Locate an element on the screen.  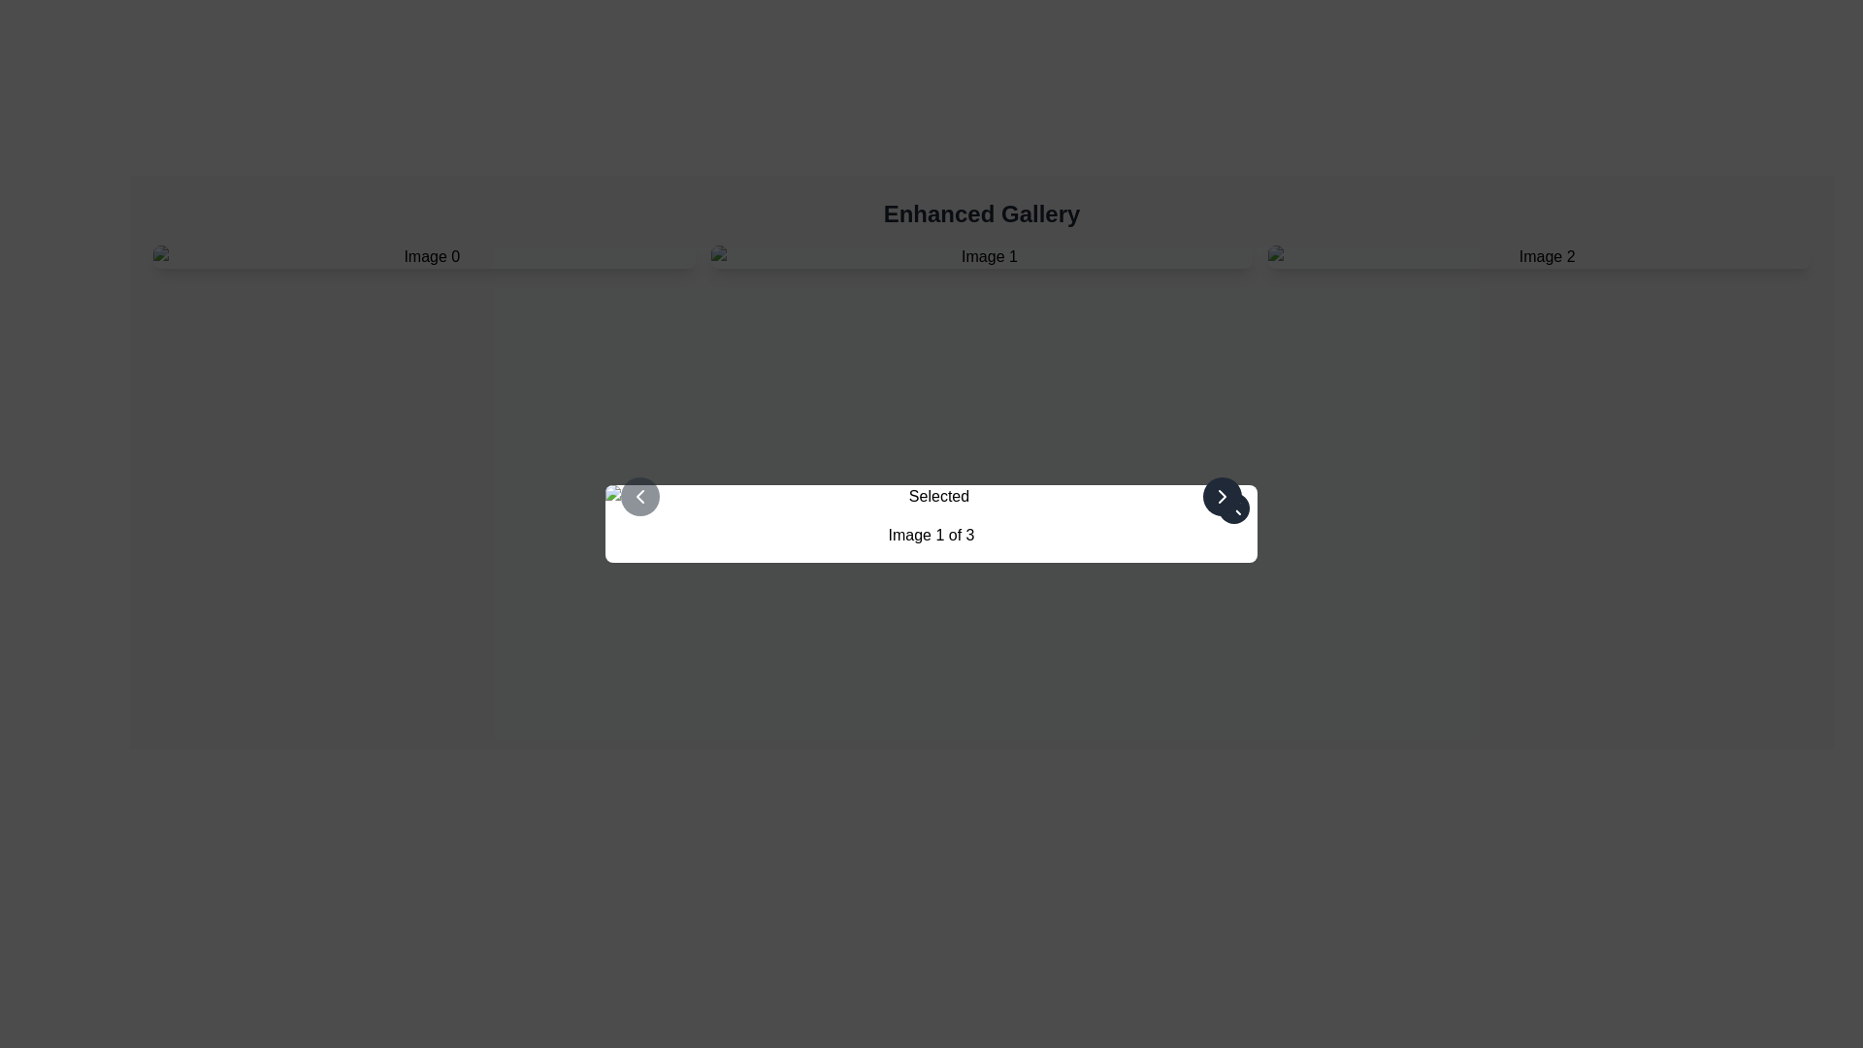
the third and last gallery thumbnail image, located on the far right of the grid is located at coordinates (1538, 256).